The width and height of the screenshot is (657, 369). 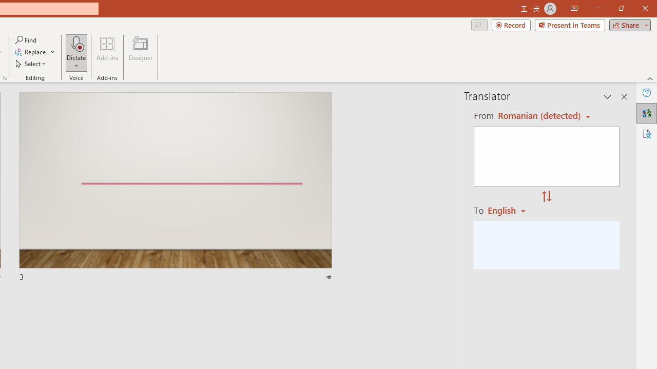 I want to click on 'Czech (detected)', so click(x=537, y=115).